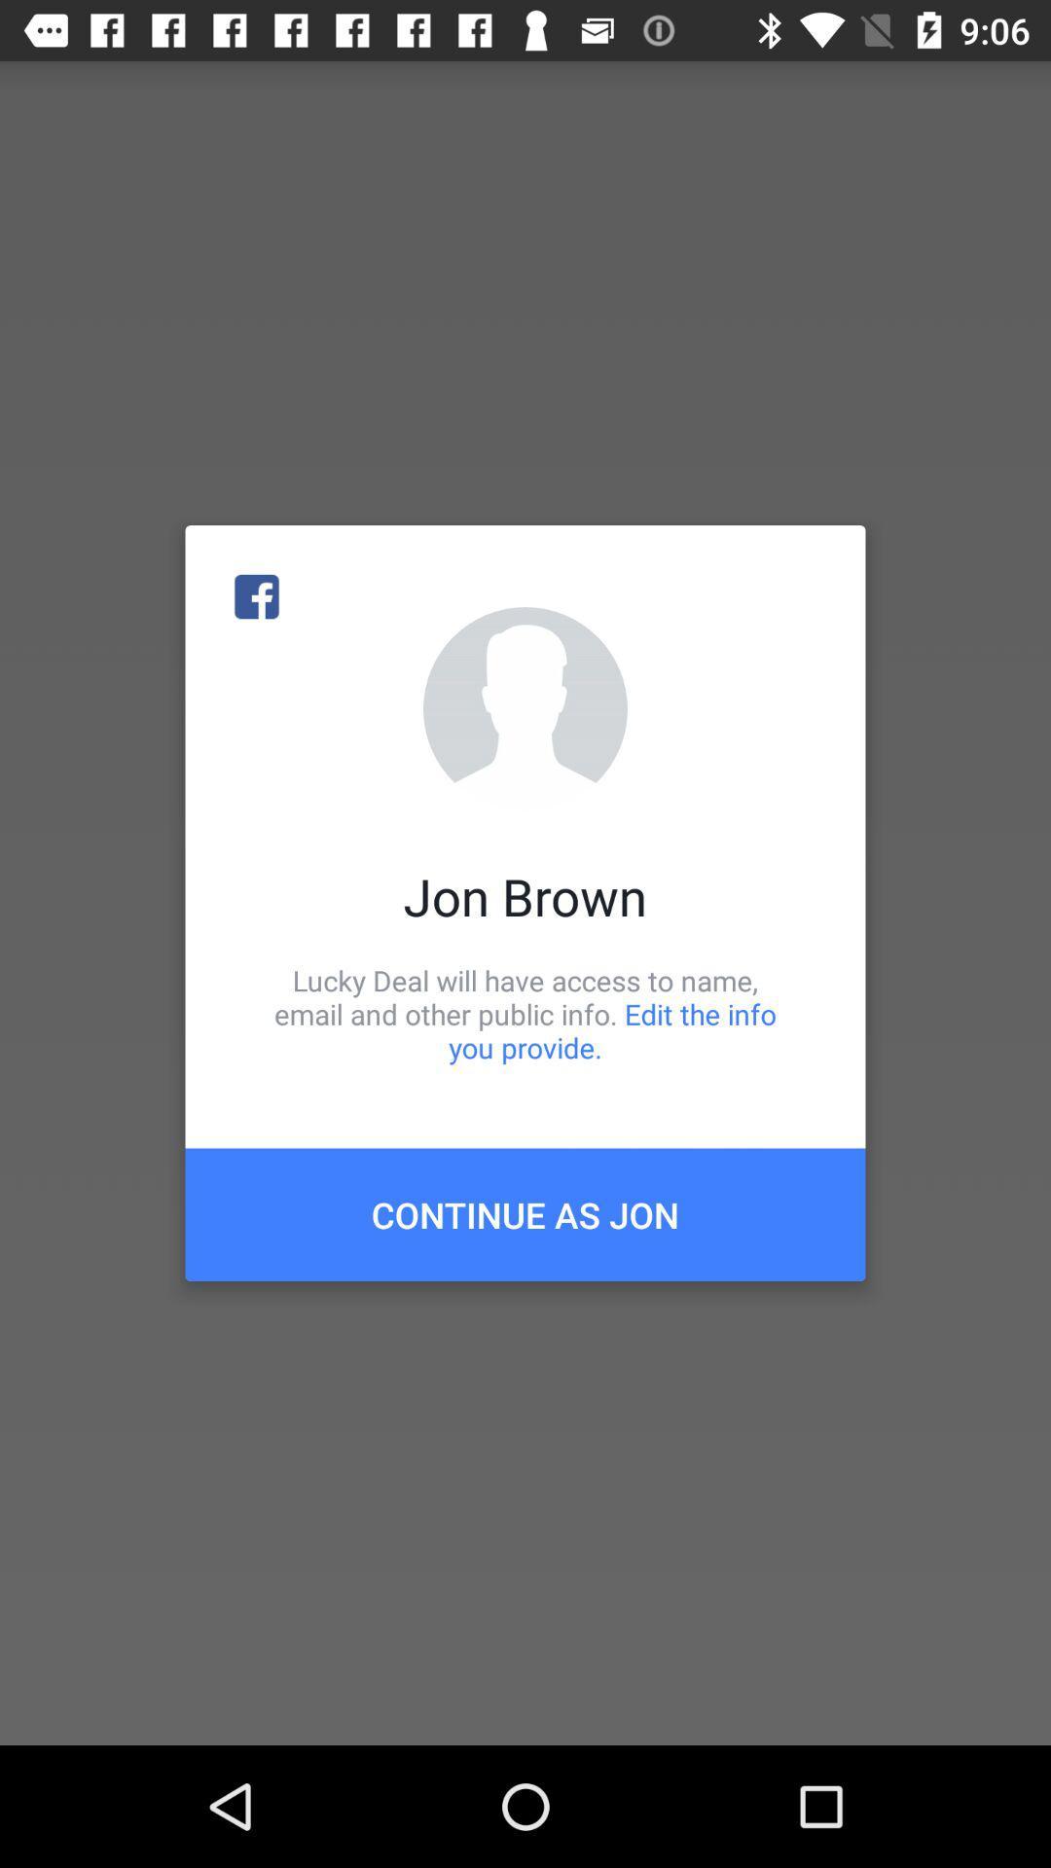  Describe the element at coordinates (525, 1213) in the screenshot. I see `continue as jon` at that location.